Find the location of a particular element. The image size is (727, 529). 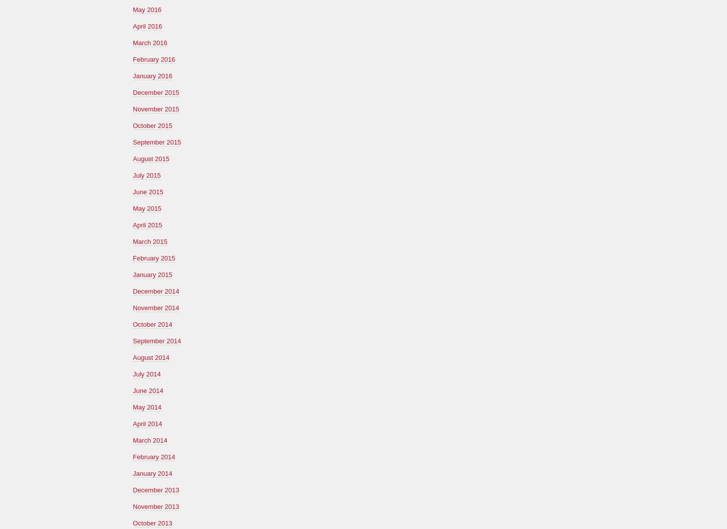

'September 2014' is located at coordinates (133, 340).